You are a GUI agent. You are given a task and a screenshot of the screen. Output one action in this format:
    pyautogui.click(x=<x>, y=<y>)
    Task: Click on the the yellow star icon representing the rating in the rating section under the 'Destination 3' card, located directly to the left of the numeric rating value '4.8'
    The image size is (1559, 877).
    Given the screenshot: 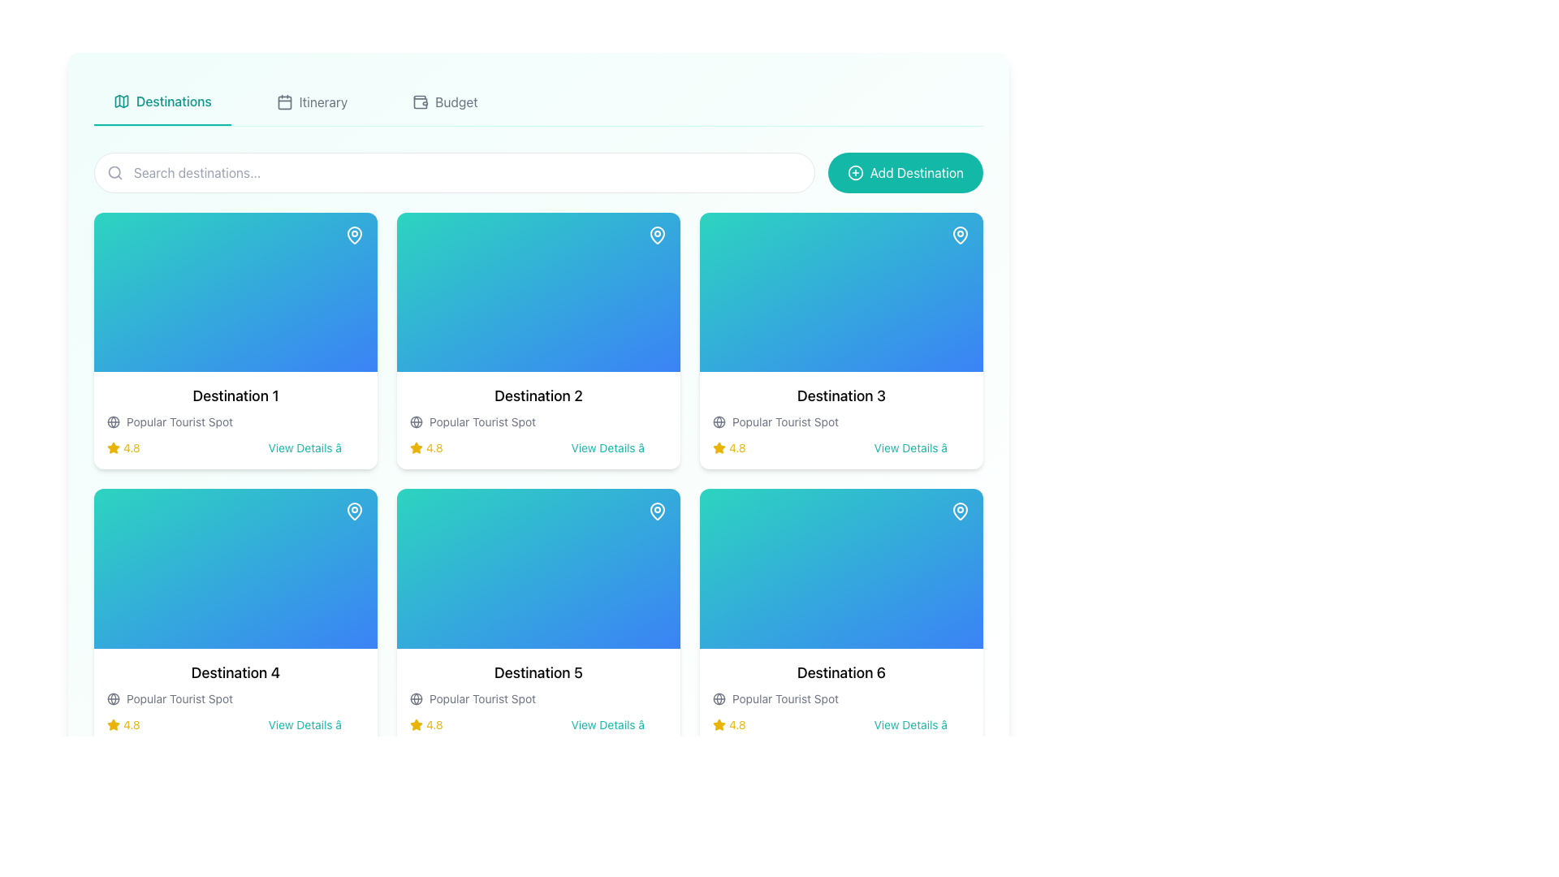 What is the action you would take?
    pyautogui.click(x=719, y=447)
    